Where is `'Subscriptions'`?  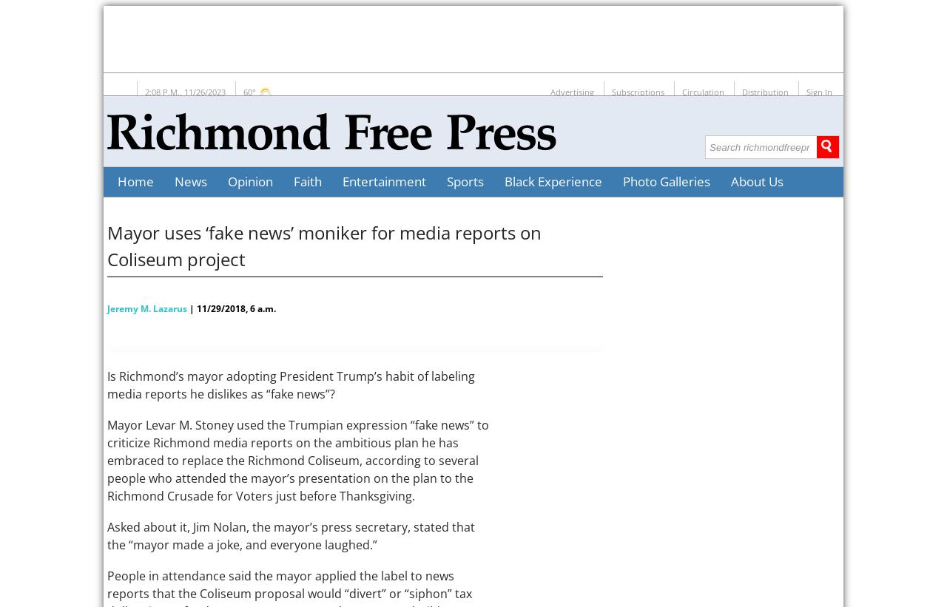 'Subscriptions' is located at coordinates (638, 91).